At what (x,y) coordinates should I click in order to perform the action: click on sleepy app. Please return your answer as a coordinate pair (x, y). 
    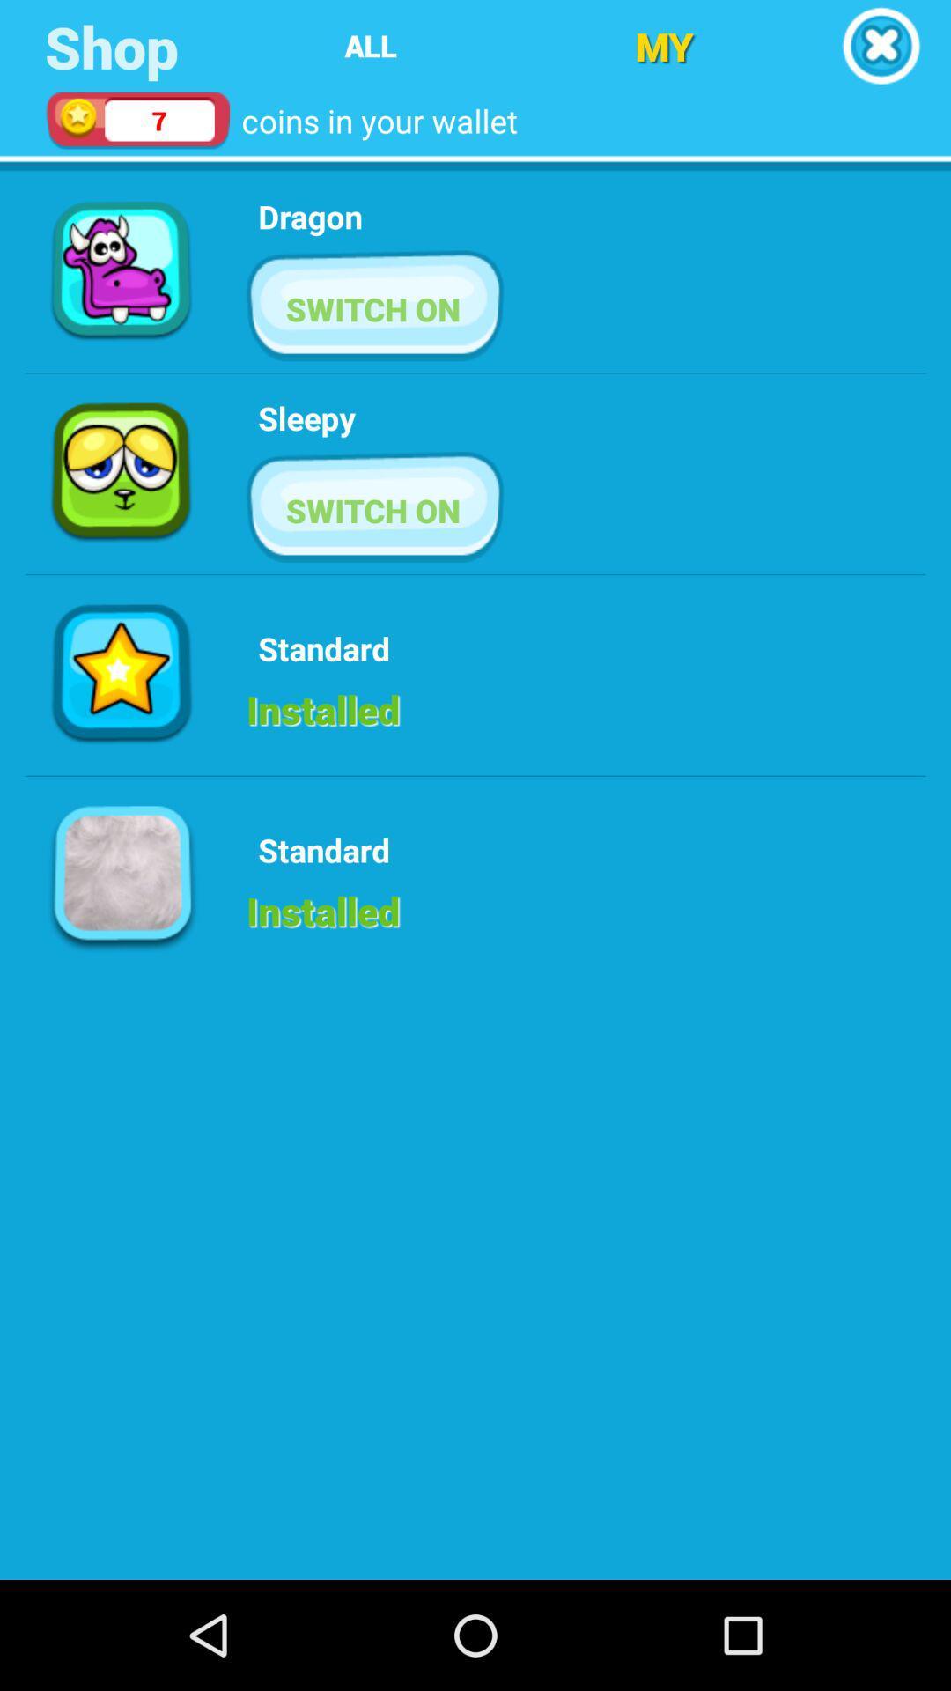
    Looking at the image, I should click on (306, 417).